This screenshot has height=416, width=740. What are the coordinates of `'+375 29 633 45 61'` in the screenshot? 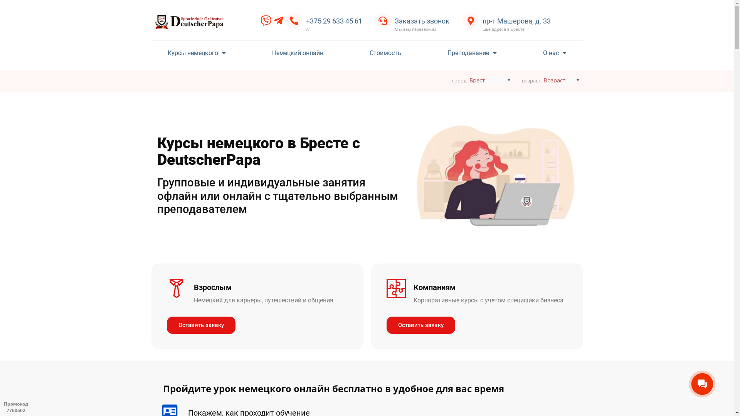 It's located at (334, 20).